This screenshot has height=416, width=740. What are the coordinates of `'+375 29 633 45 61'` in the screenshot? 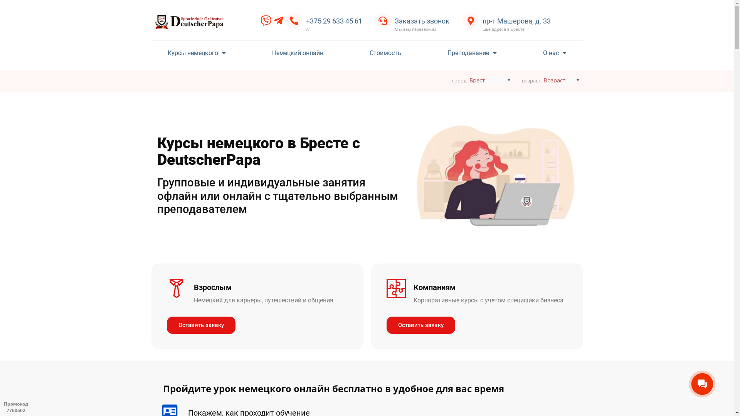 It's located at (334, 20).